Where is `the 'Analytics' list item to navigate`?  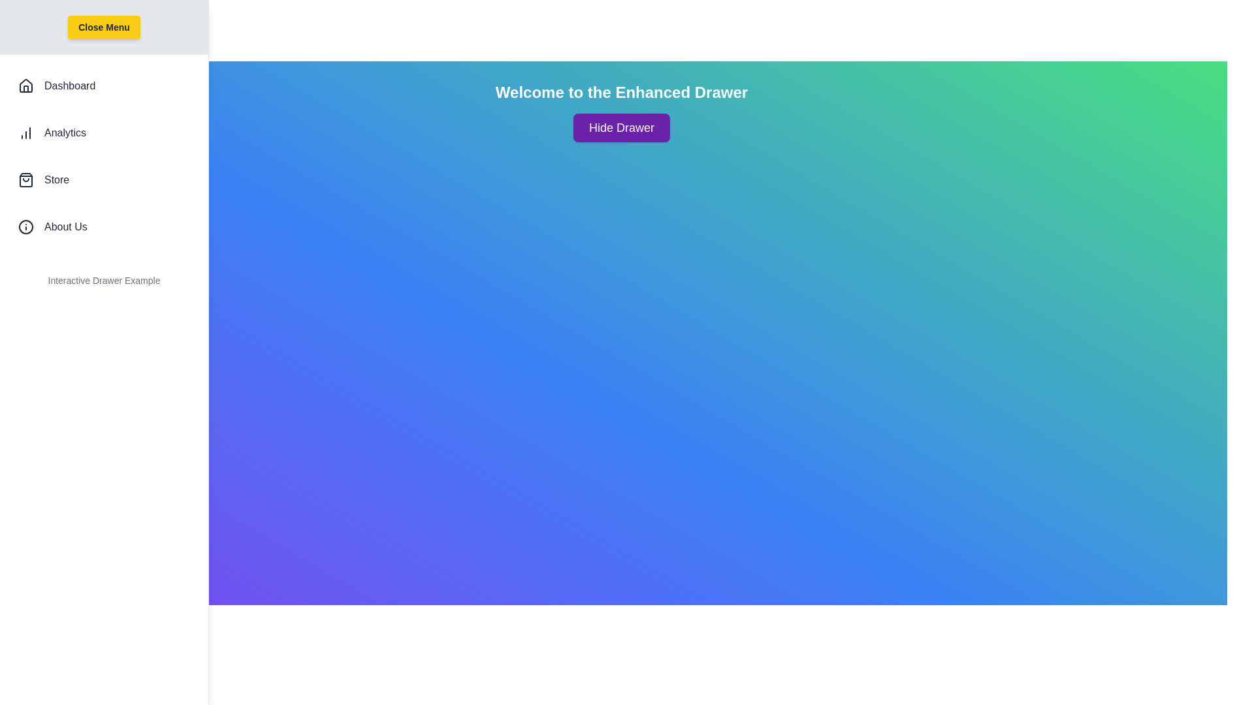 the 'Analytics' list item to navigate is located at coordinates (103, 133).